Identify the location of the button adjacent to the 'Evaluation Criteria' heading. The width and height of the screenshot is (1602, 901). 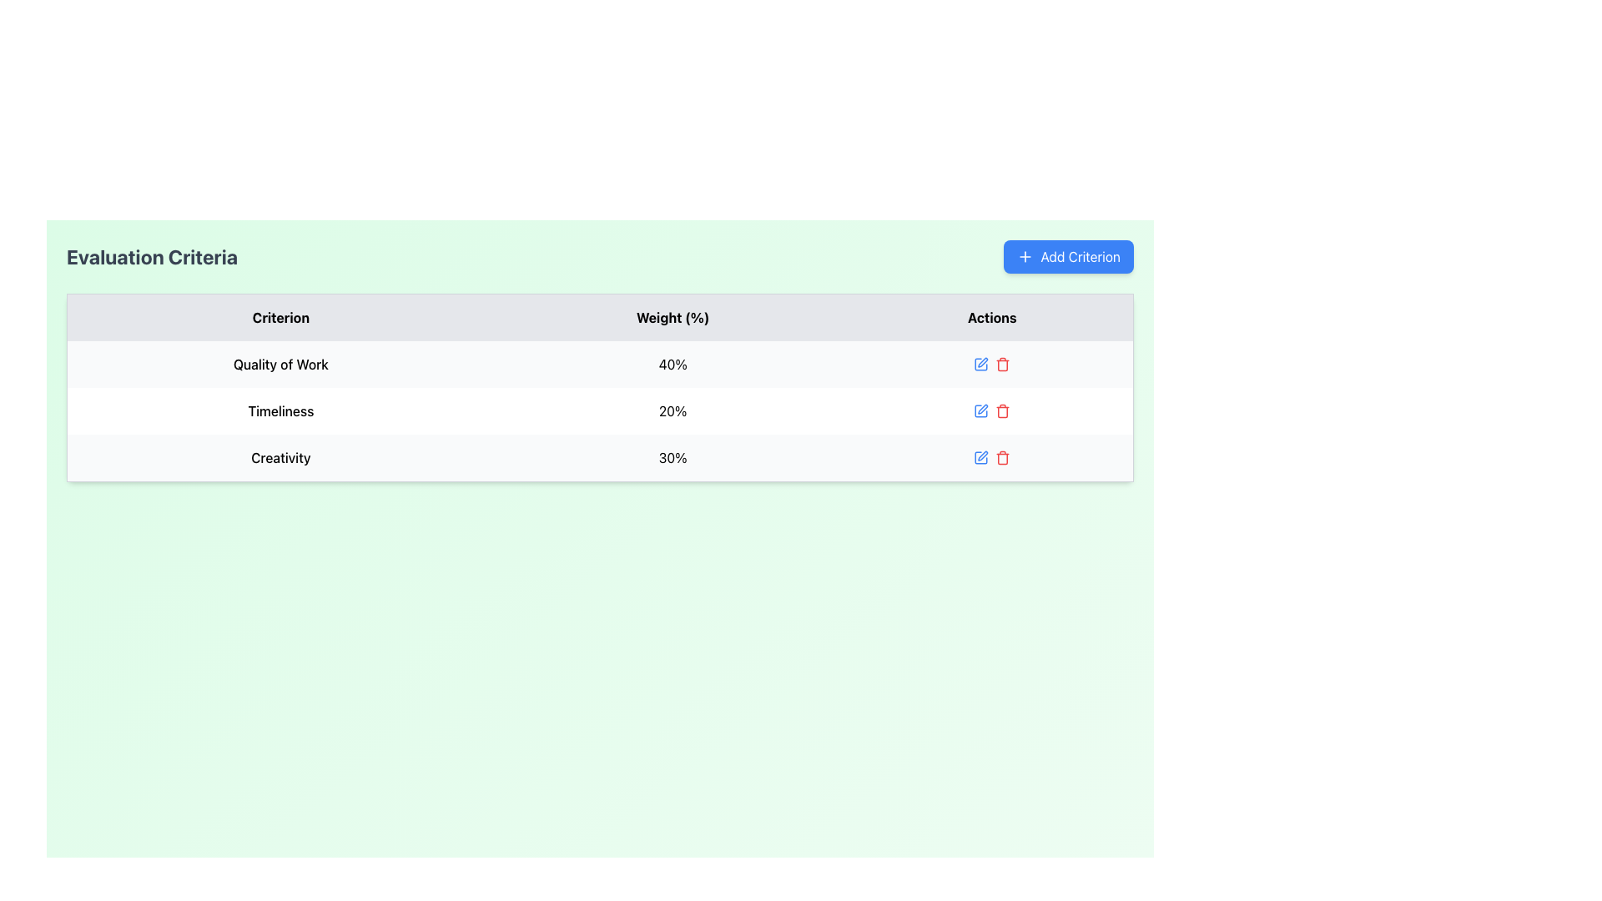
(1069, 257).